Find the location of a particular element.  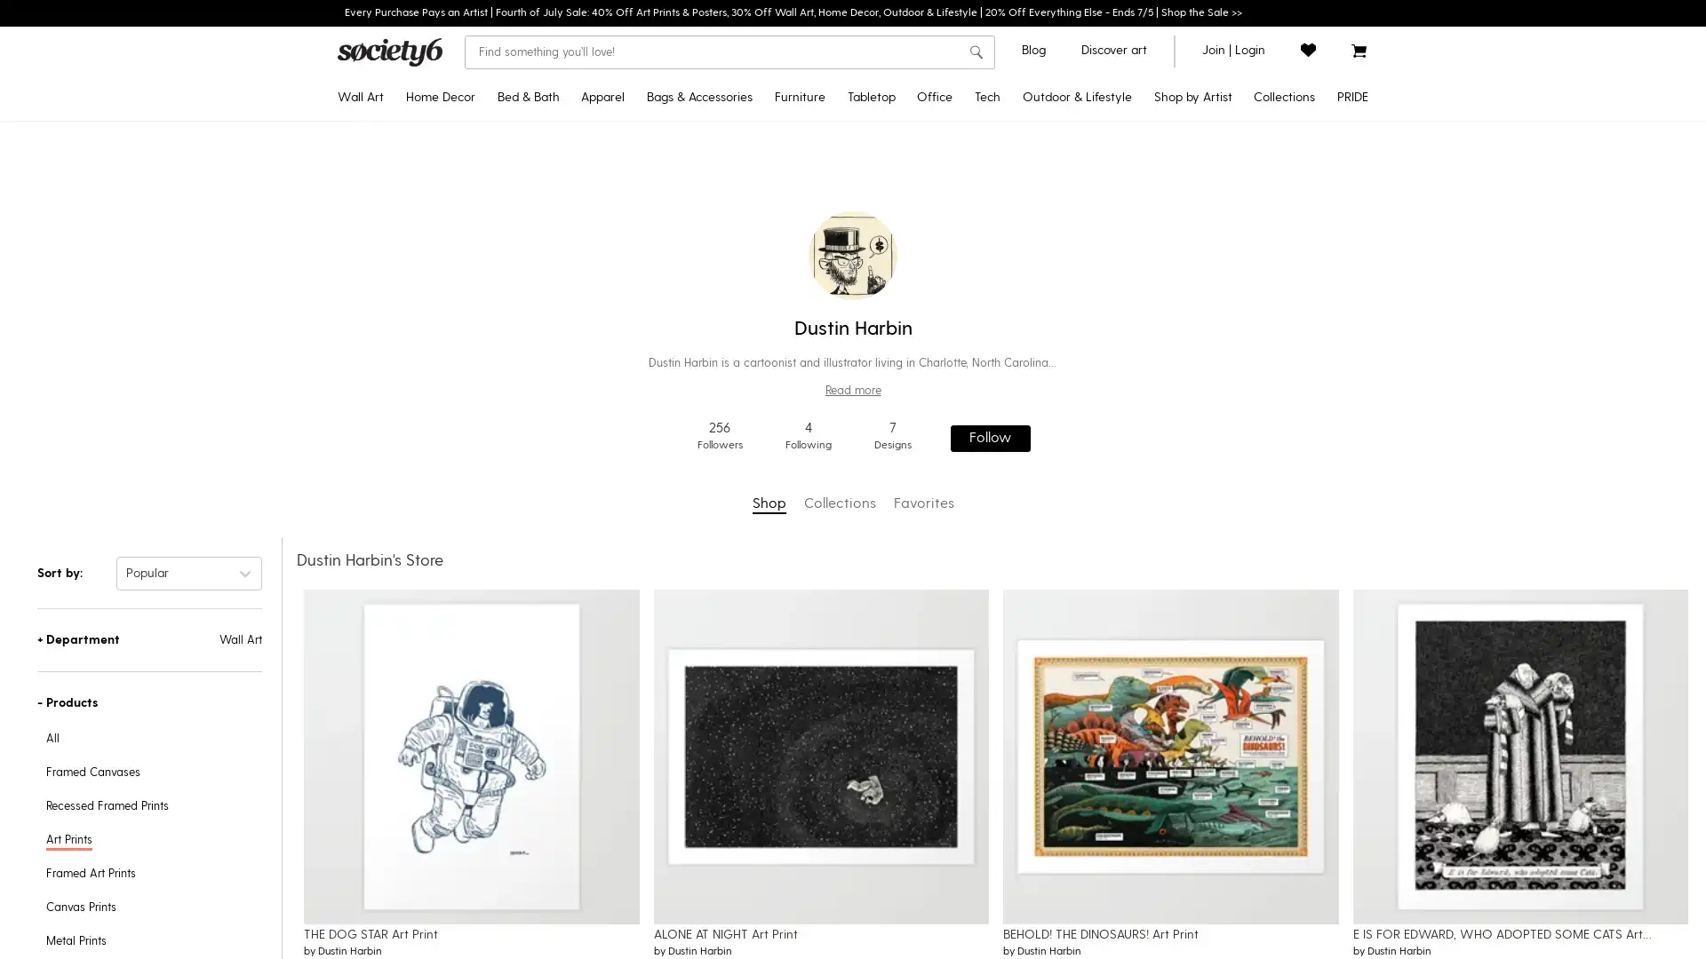

Yoga & Mindfulness is located at coordinates (1218, 429).